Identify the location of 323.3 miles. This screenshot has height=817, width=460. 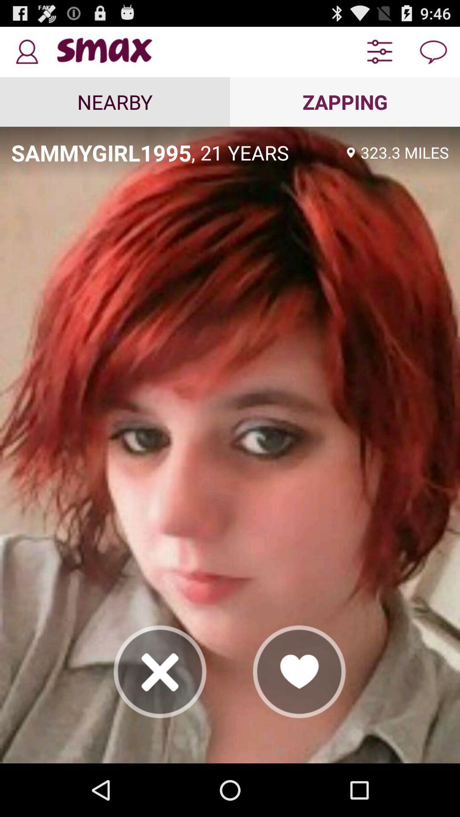
(404, 152).